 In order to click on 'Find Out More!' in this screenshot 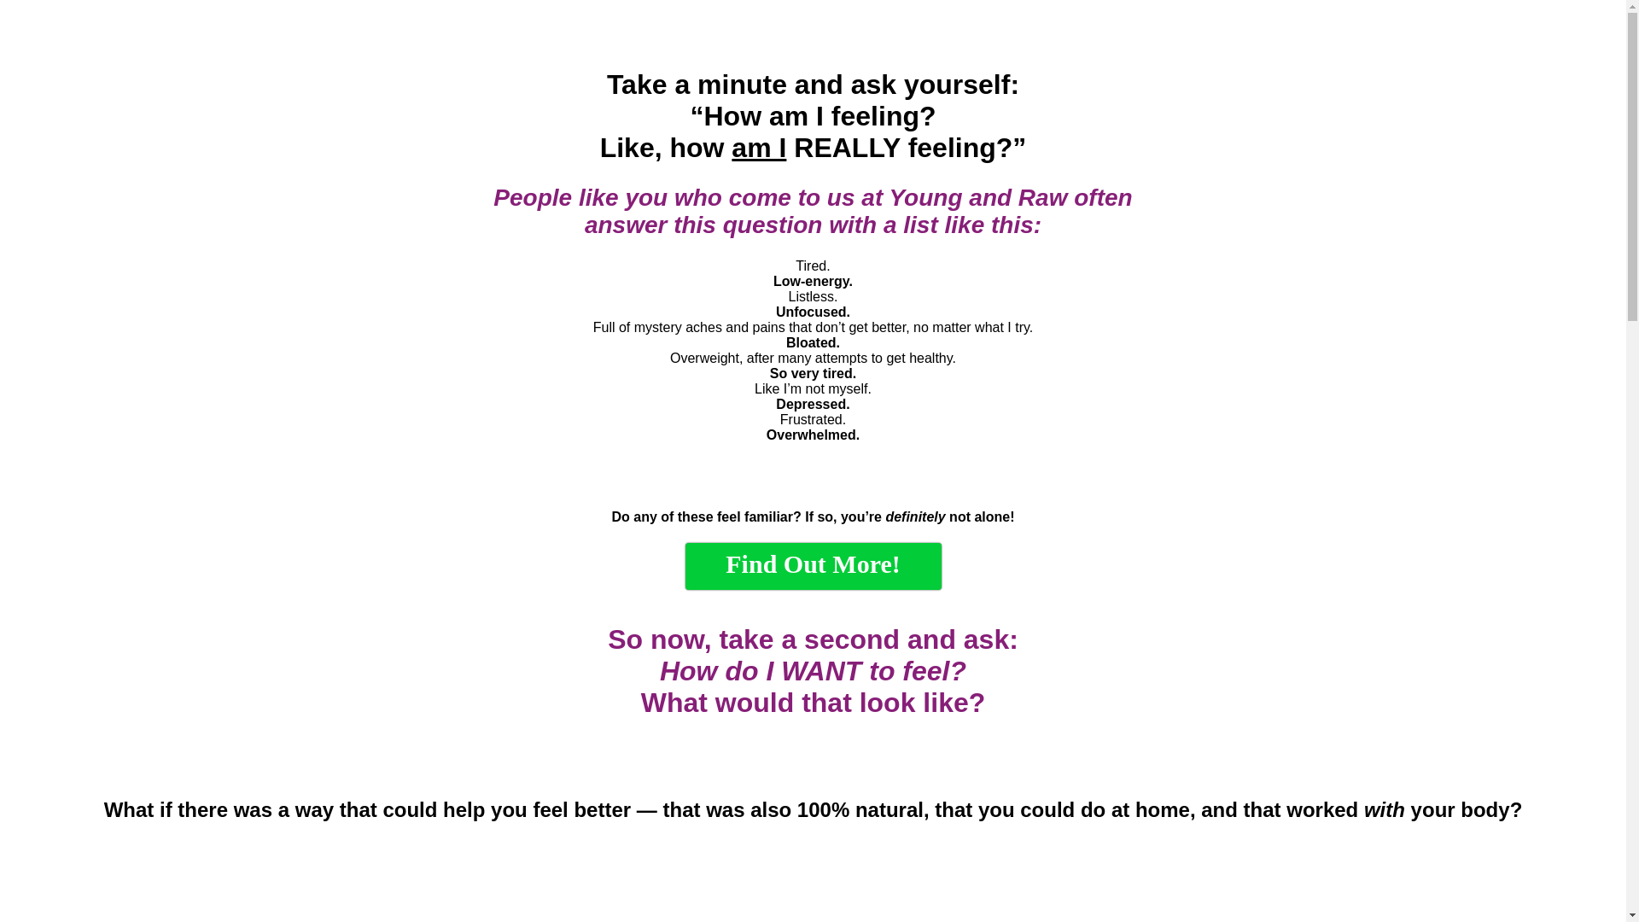, I will do `click(811, 566)`.